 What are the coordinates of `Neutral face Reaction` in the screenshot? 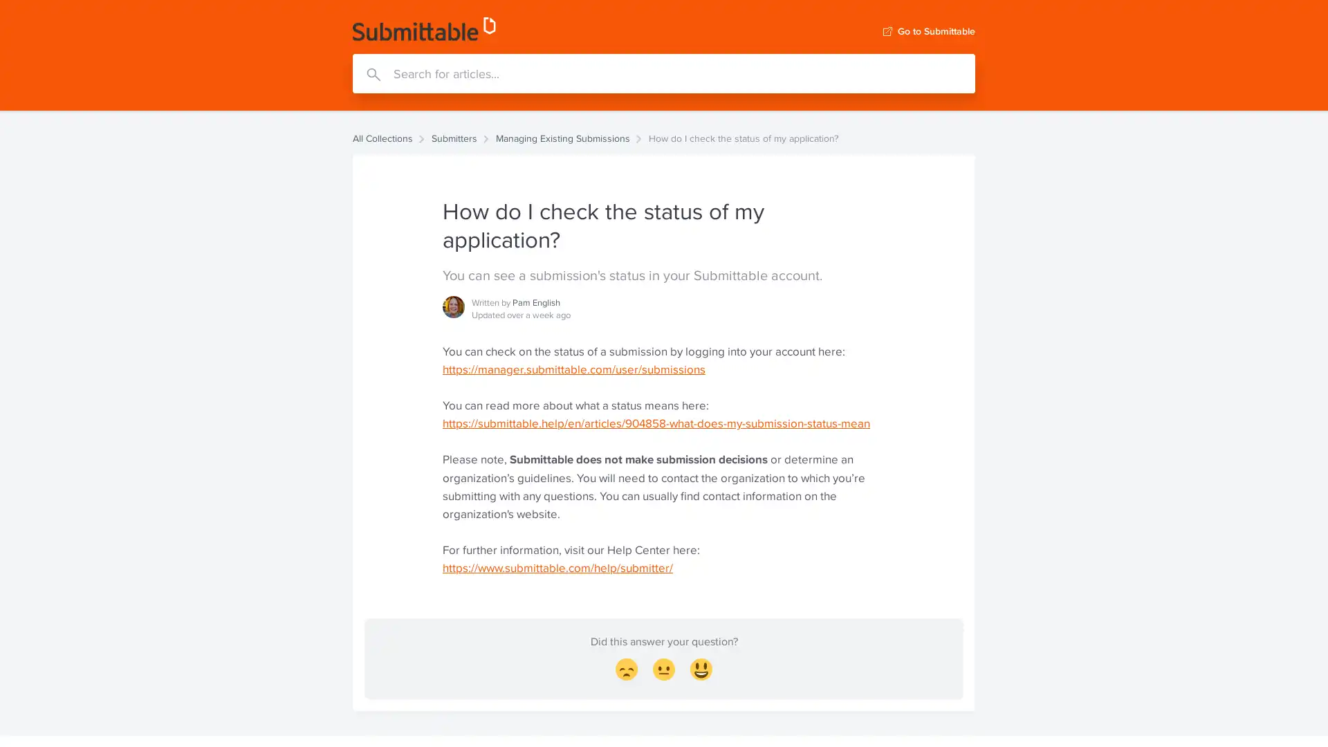 It's located at (664, 671).